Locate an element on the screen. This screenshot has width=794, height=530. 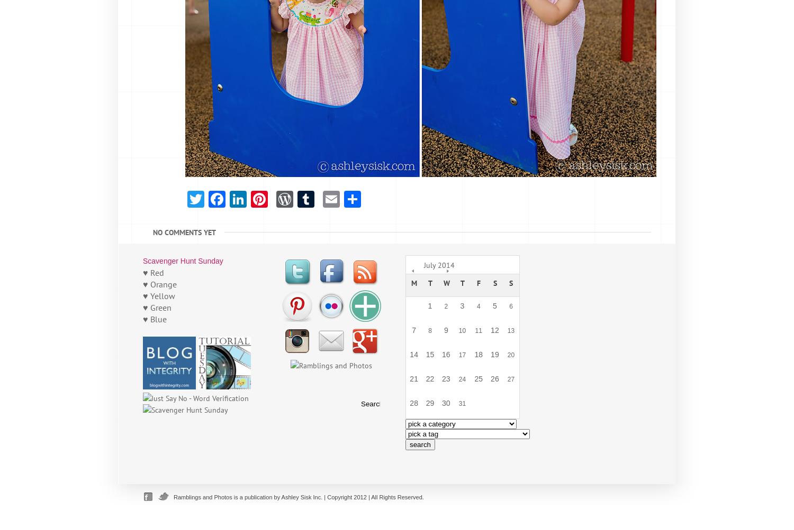
'Ramblings and Photos is a publication by Ashley Sisk Inc. | Copyright 2012 | All Rights Reserved.' is located at coordinates (298, 497).